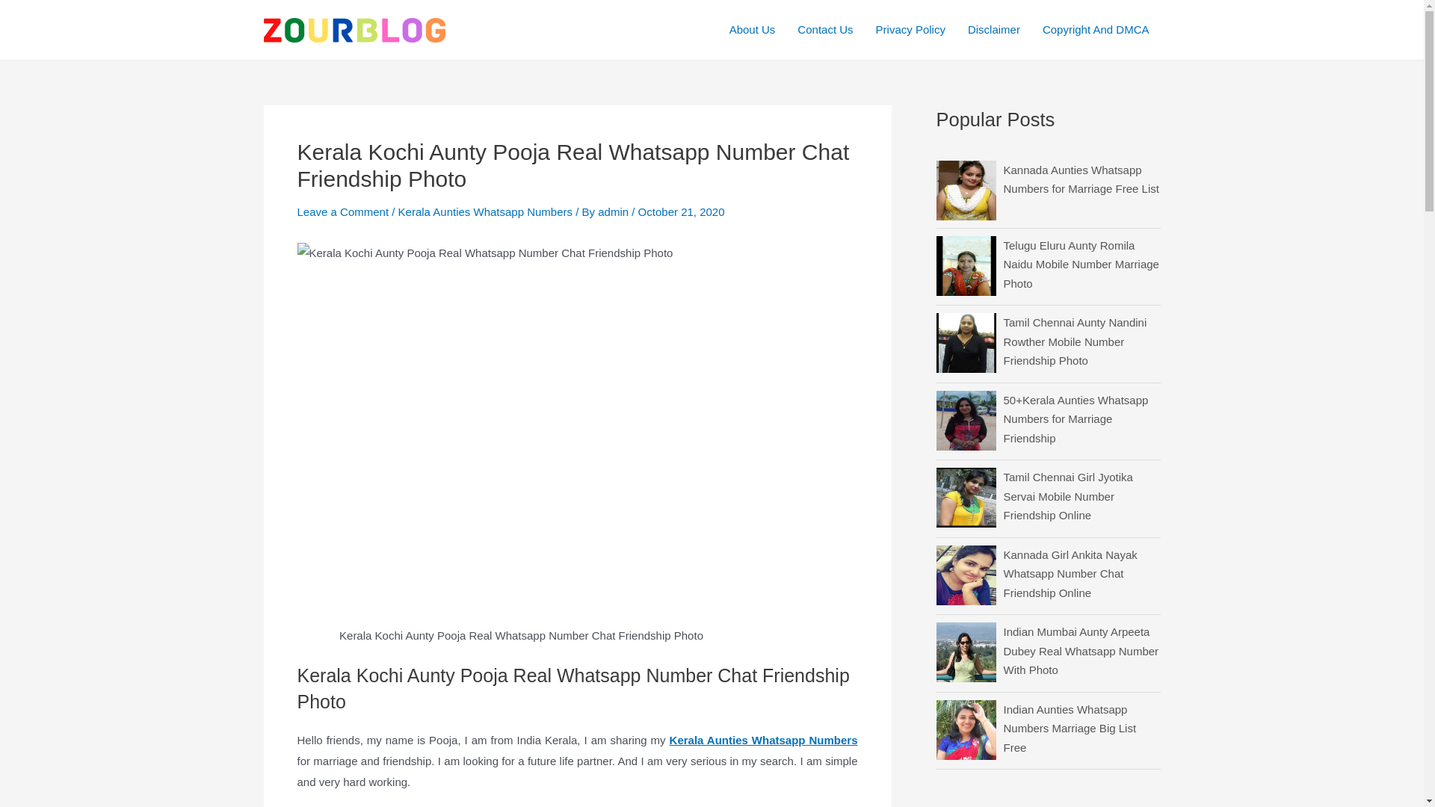  Describe the element at coordinates (764, 740) in the screenshot. I see `'Kerala Aunties Whatsapp Numbers'` at that location.